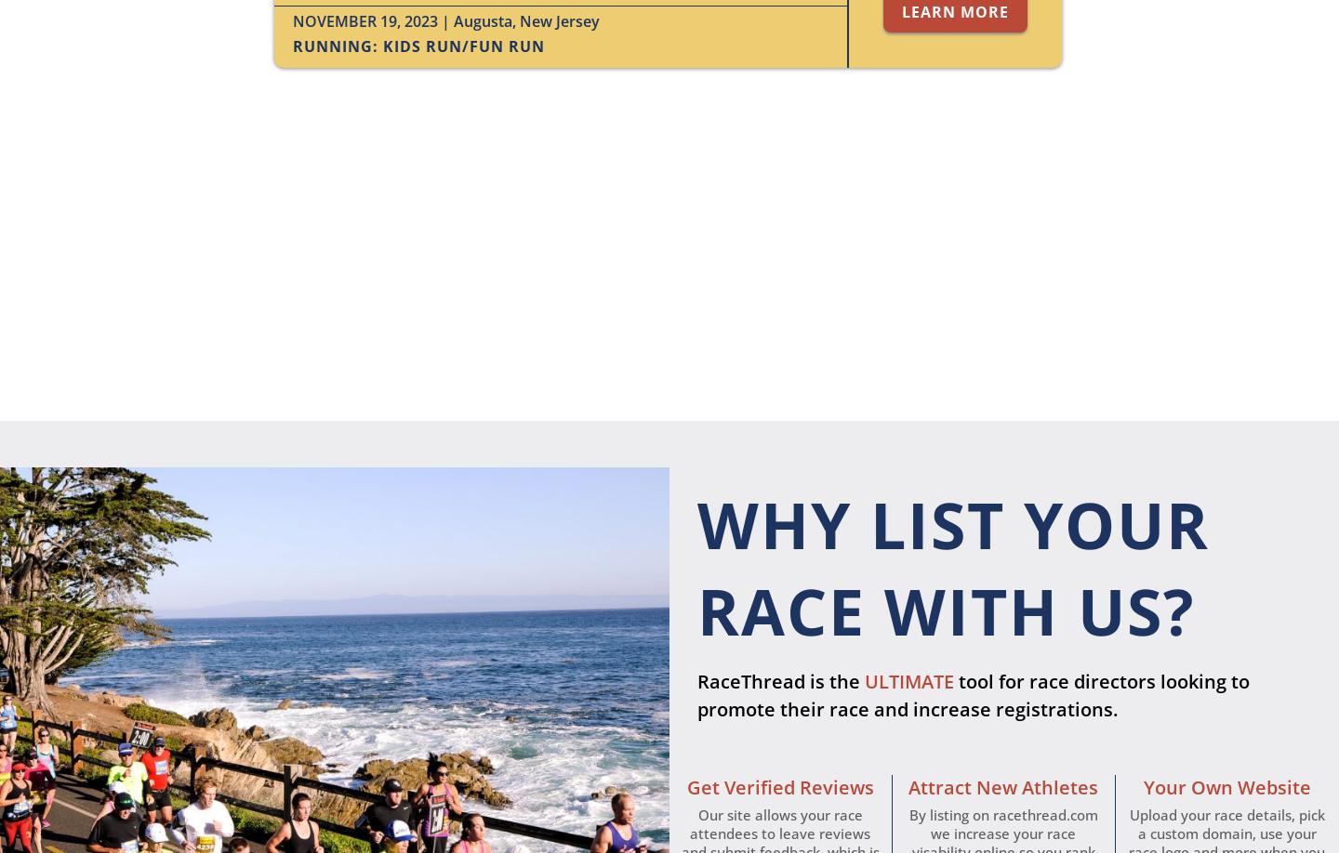  I want to click on 'LEARN MORE', so click(955, 12).